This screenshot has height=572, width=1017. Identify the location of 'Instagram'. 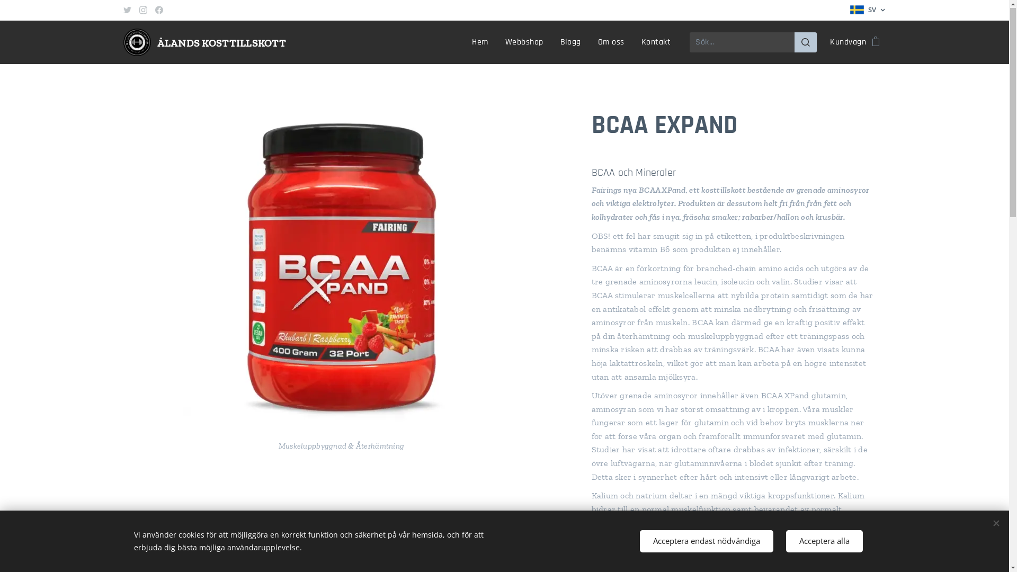
(142, 10).